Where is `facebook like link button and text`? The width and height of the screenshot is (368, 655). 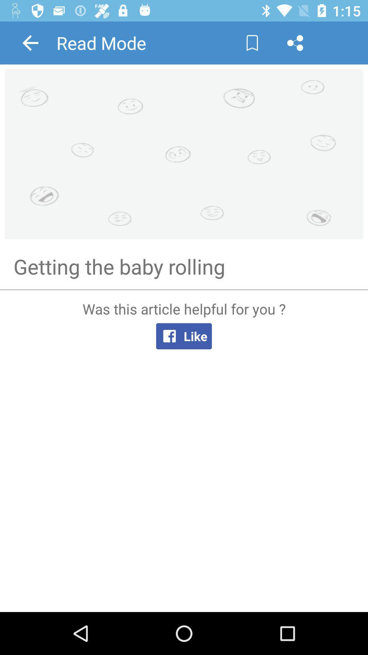 facebook like link button and text is located at coordinates (184, 450).